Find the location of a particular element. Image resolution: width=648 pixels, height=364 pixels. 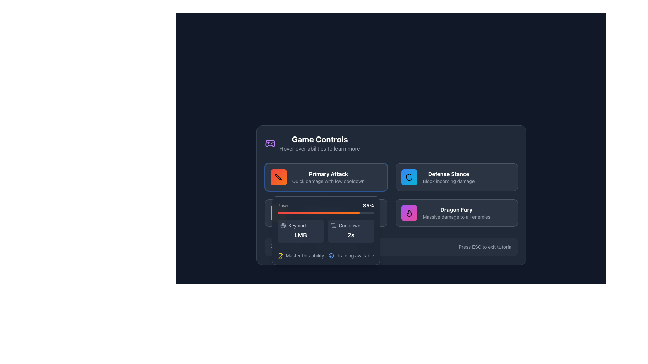

the 'Dragon Fury' skill icon located to the left of the descriptions 'Dragon Fury' and 'Massive damage to all enemies' is located at coordinates (409, 213).